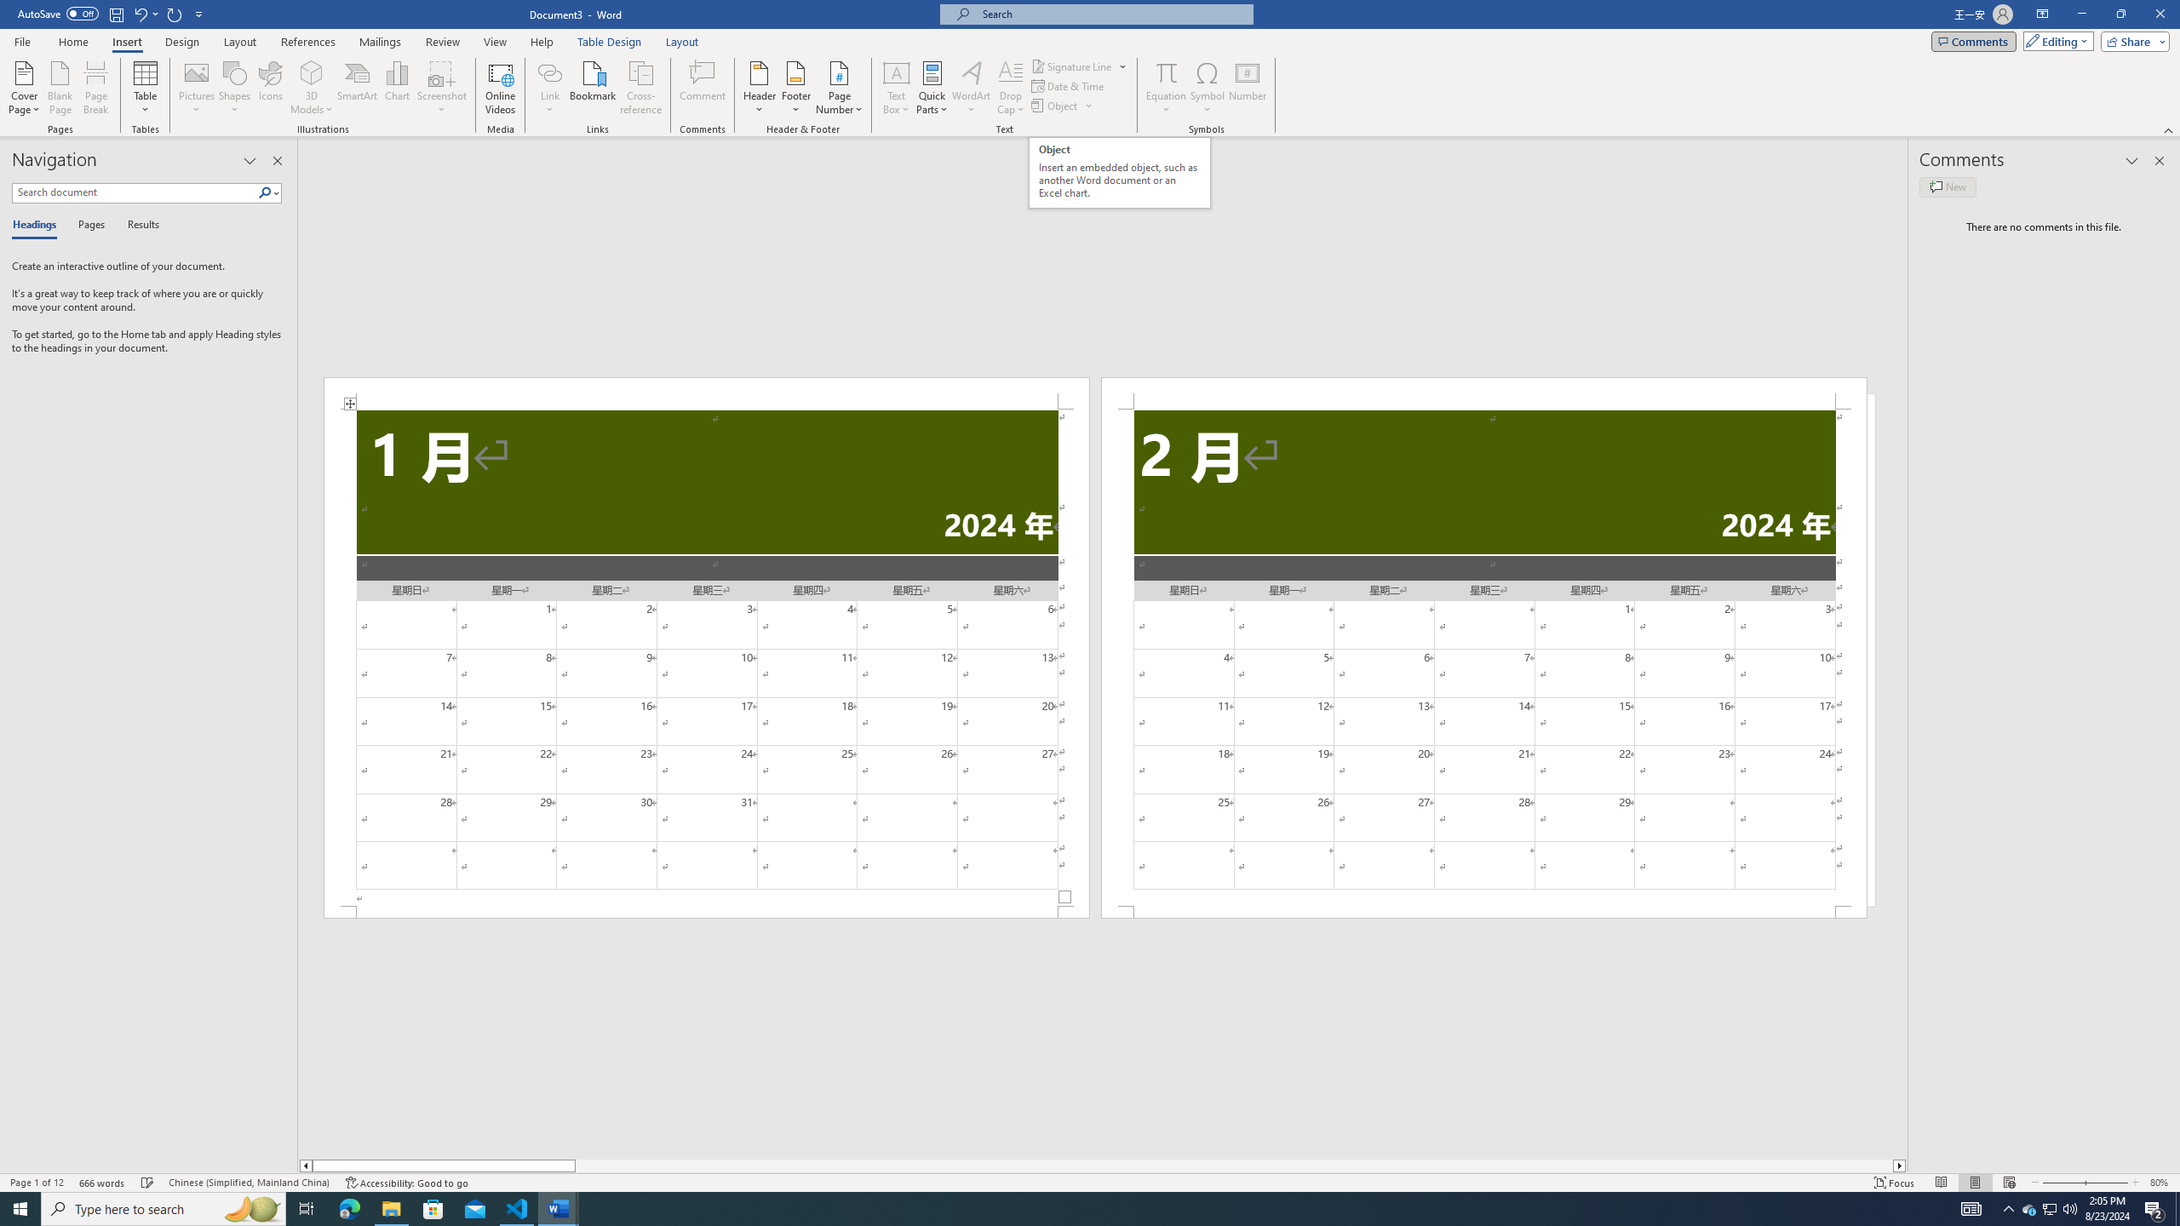 This screenshot has width=2180, height=1226. What do you see at coordinates (896, 88) in the screenshot?
I see `'Text Box'` at bounding box center [896, 88].